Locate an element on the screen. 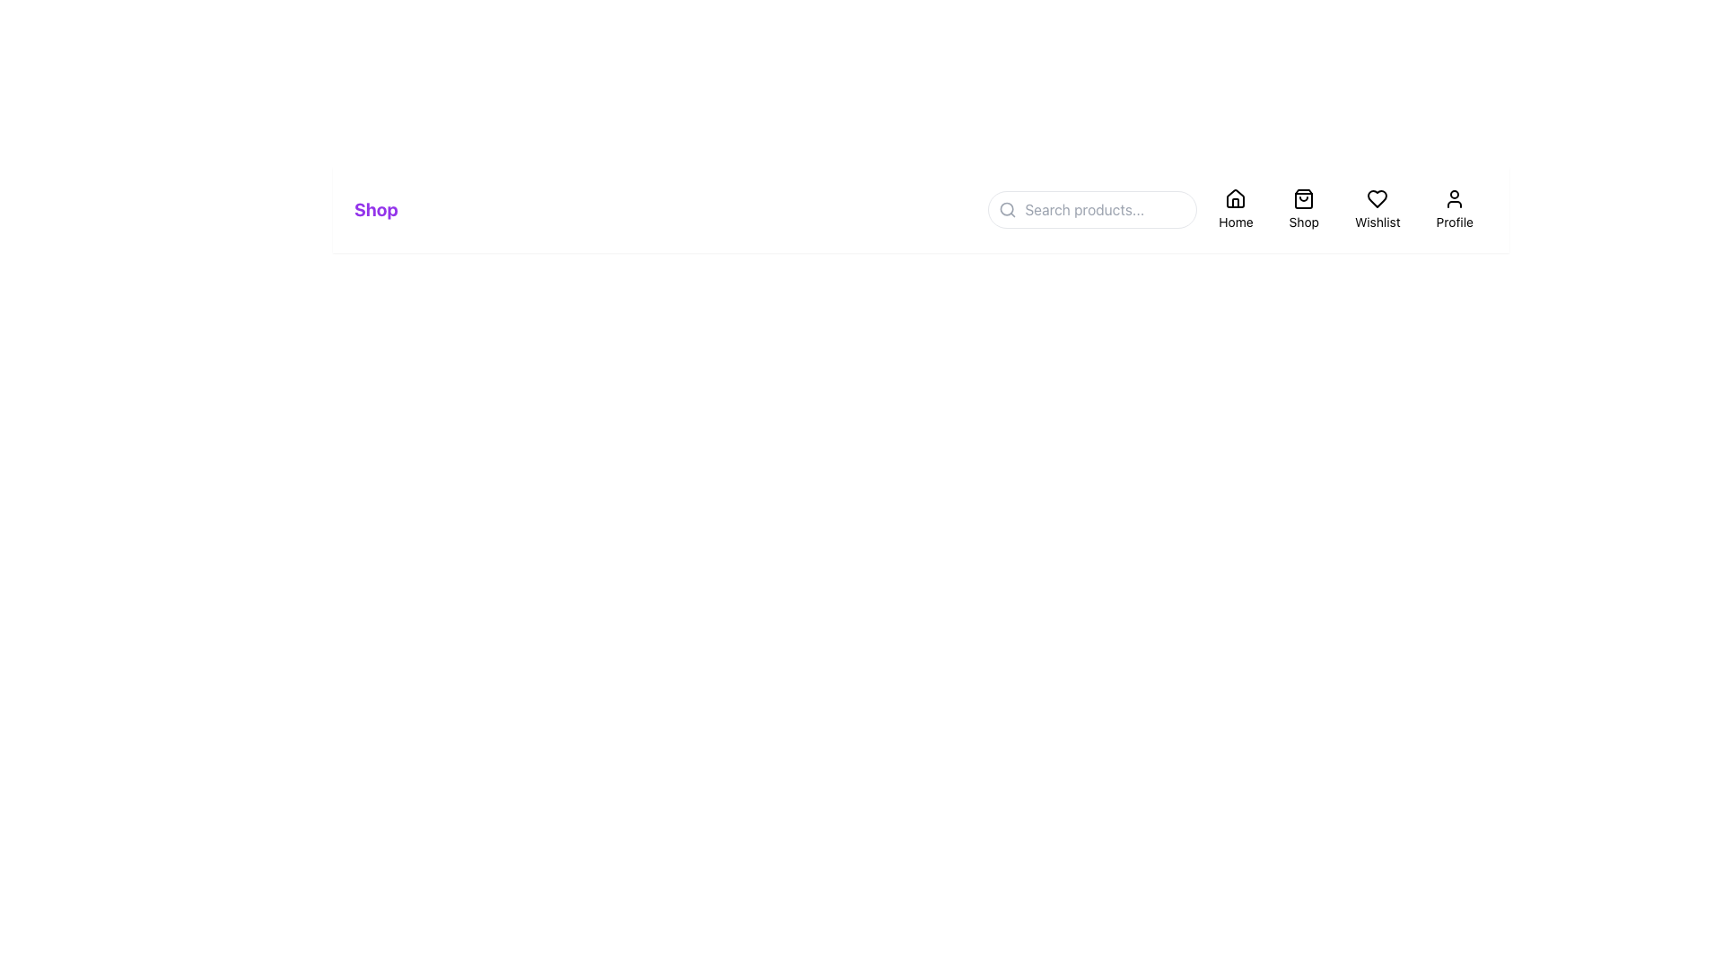 This screenshot has width=1723, height=969. the 'Shop' button in the navigation menu, which features a shopping bag icon above the label 'Shop' is located at coordinates (1304, 209).